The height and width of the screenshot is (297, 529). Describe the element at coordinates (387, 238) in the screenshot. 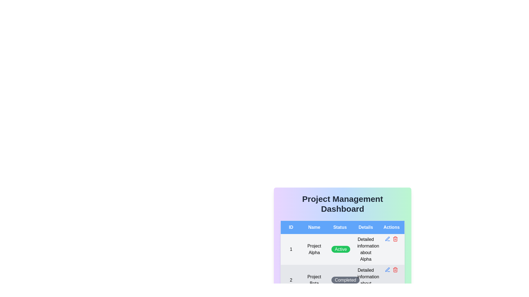

I see `the edit icon button located in the 'Actions' column of the first row of the table` at that location.